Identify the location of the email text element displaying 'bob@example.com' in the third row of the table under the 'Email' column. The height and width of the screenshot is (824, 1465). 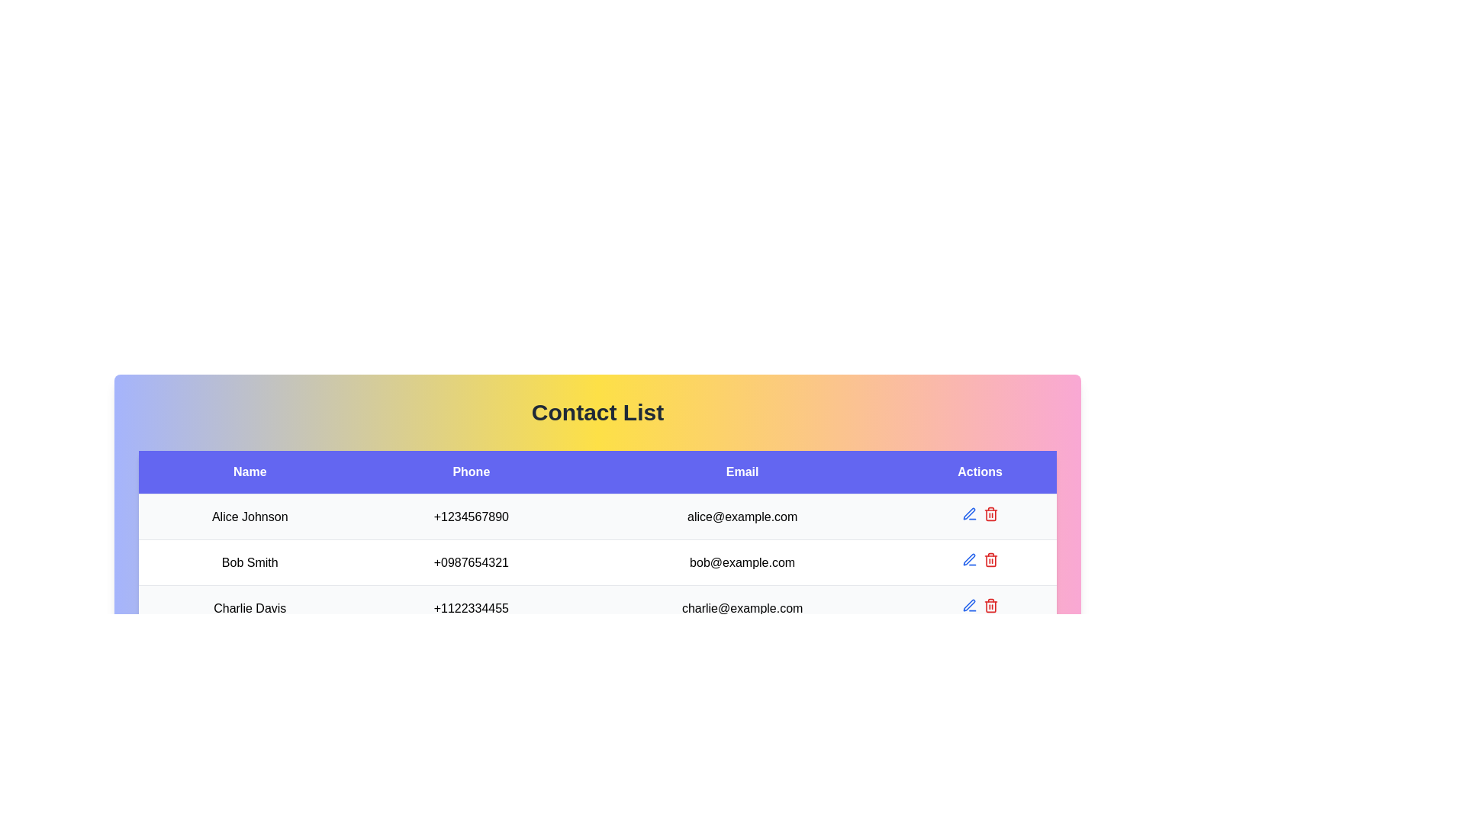
(742, 562).